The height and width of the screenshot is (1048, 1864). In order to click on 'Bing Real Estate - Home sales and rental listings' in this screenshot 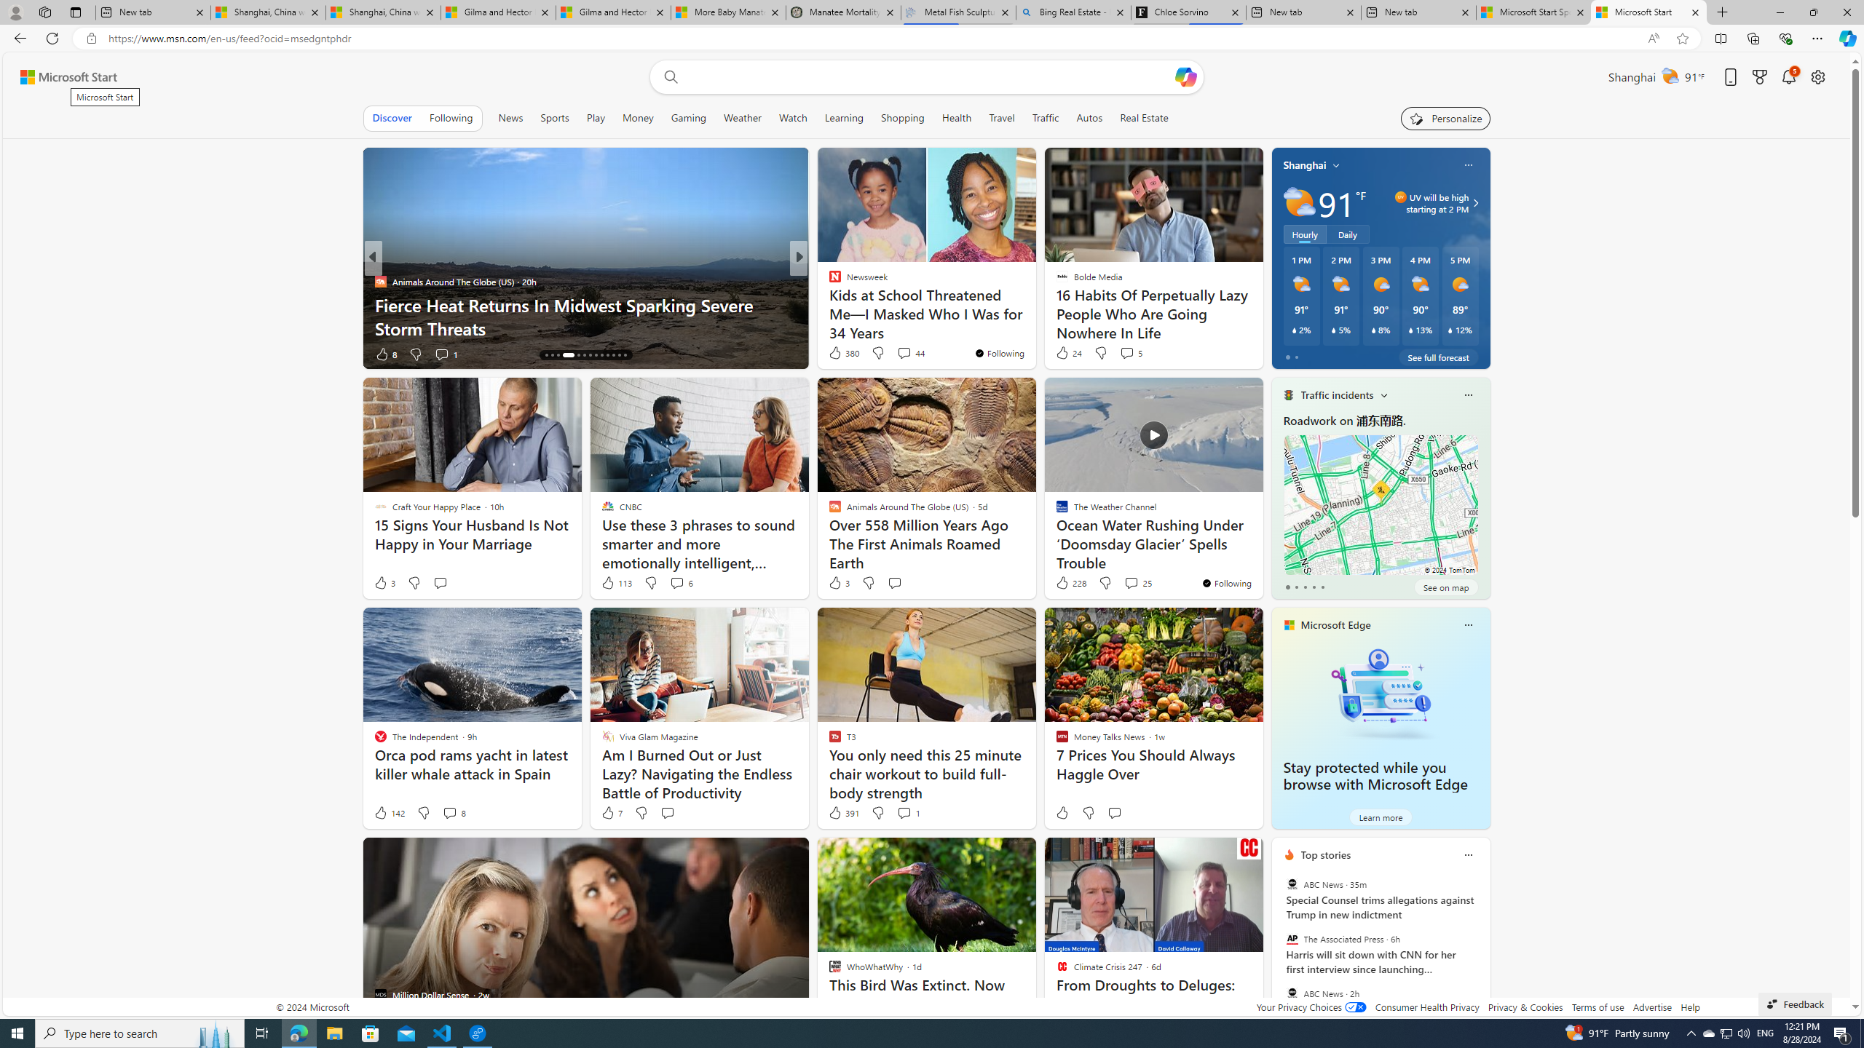, I will do `click(1073, 12)`.